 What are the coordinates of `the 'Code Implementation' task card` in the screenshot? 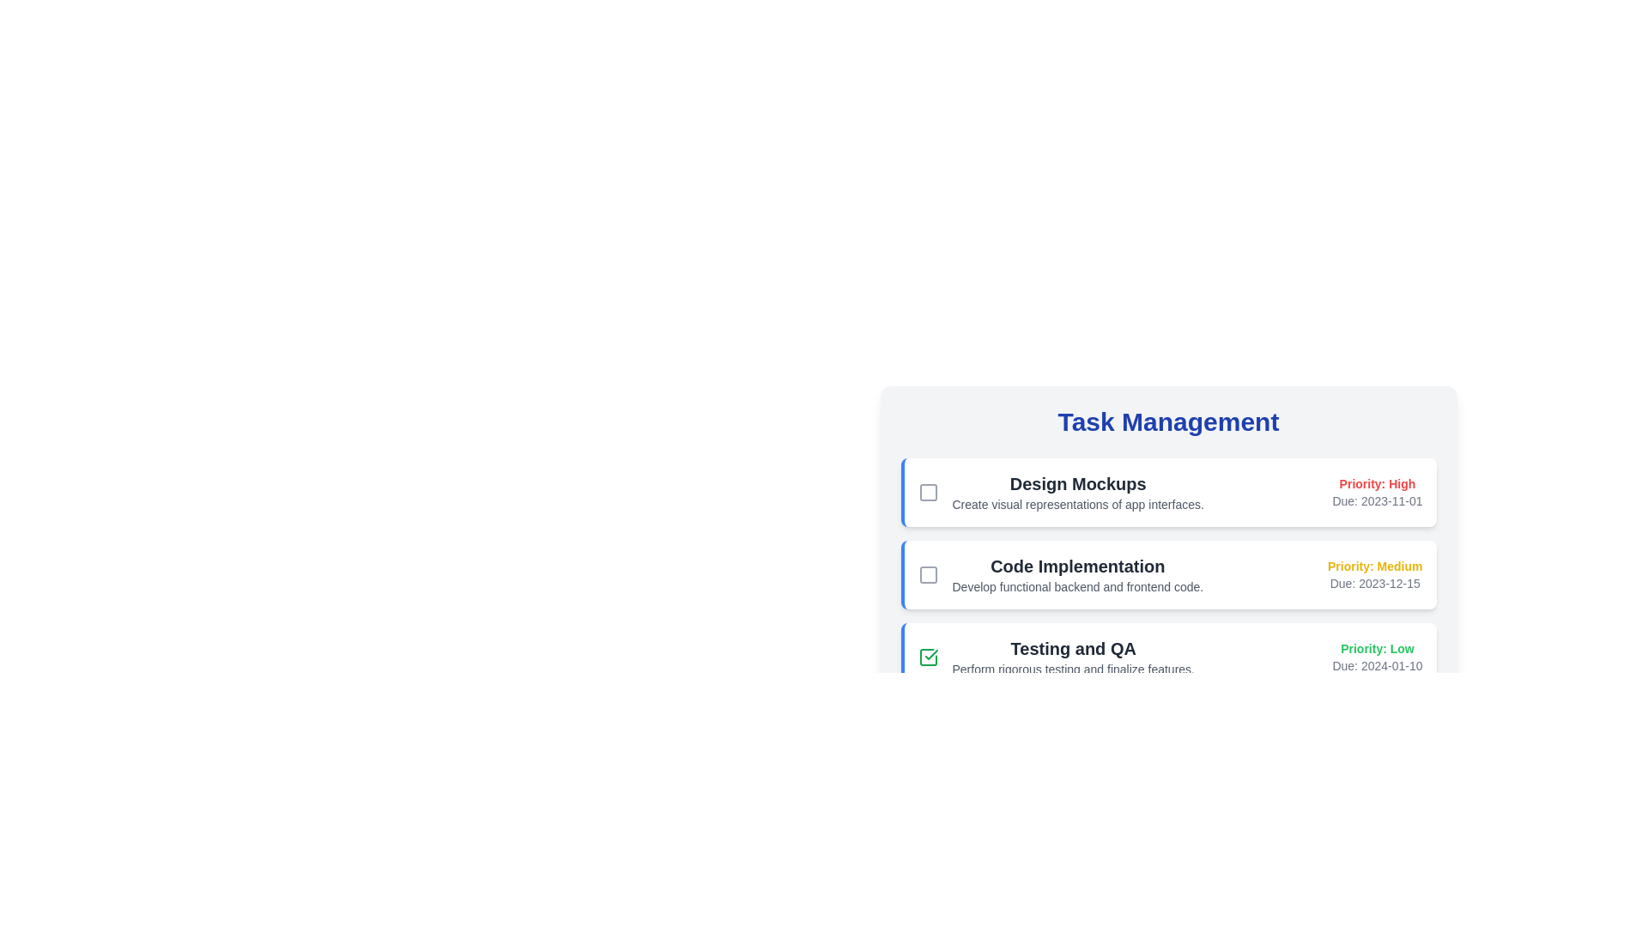 It's located at (1167, 575).